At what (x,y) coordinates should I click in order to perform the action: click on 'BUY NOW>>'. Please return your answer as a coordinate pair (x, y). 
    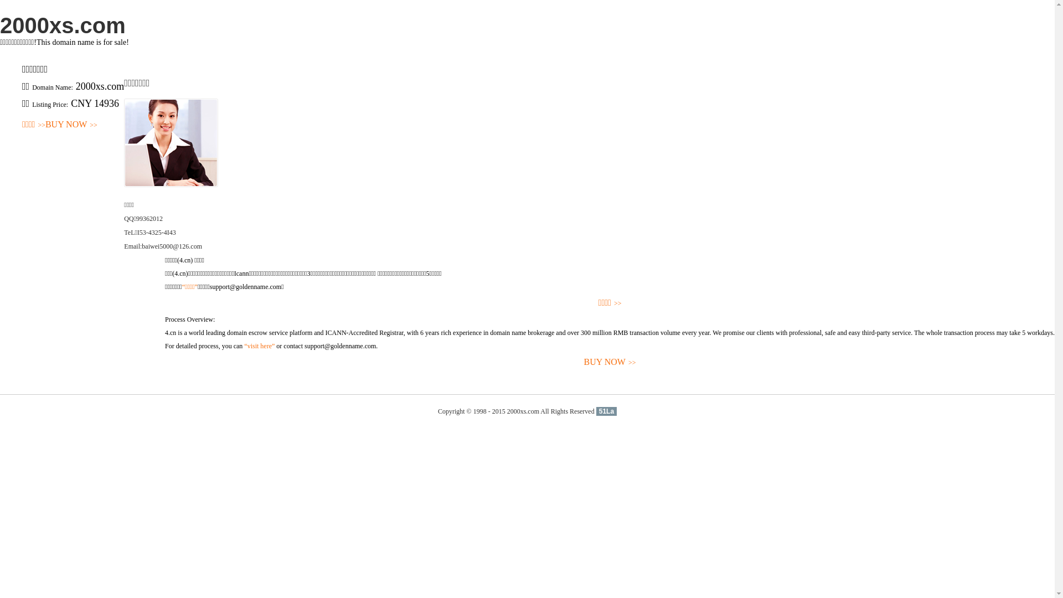
    Looking at the image, I should click on (609, 362).